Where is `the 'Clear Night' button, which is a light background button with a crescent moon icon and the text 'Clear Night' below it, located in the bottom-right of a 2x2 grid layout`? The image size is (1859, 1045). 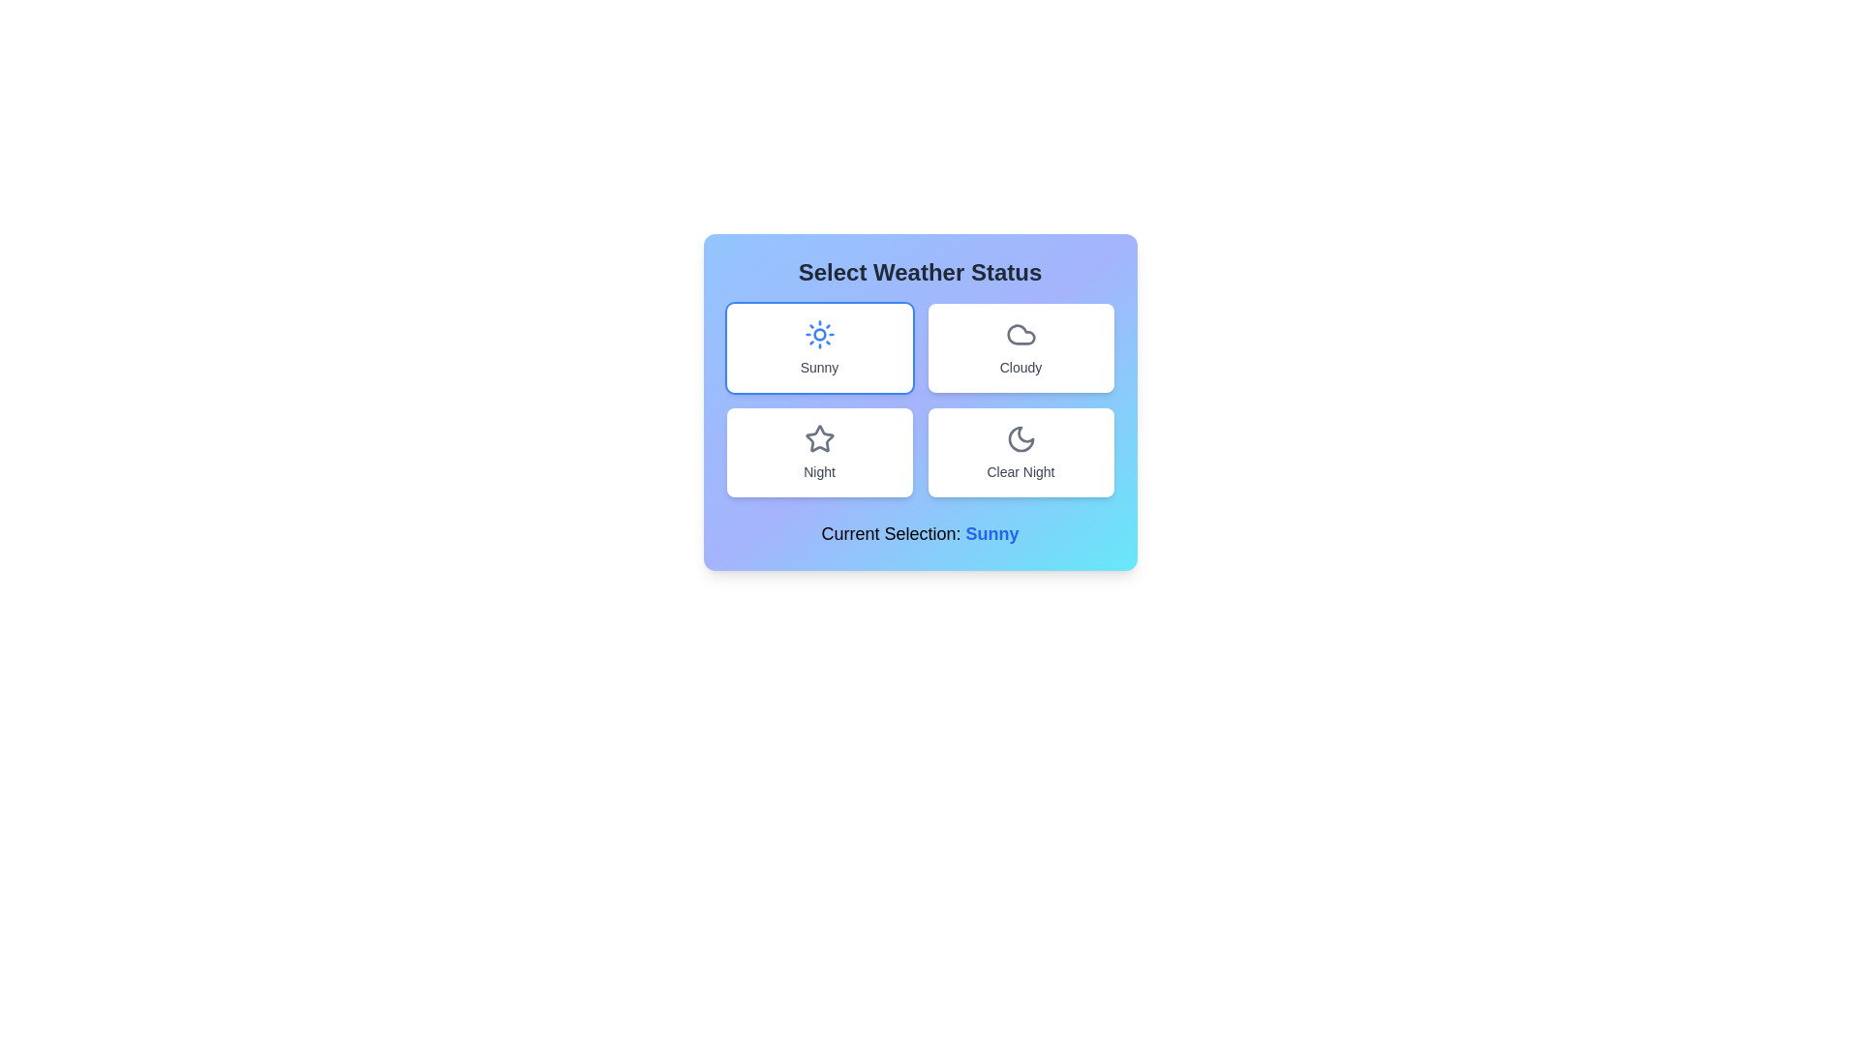 the 'Clear Night' button, which is a light background button with a crescent moon icon and the text 'Clear Night' below it, located in the bottom-right of a 2x2 grid layout is located at coordinates (1020, 452).